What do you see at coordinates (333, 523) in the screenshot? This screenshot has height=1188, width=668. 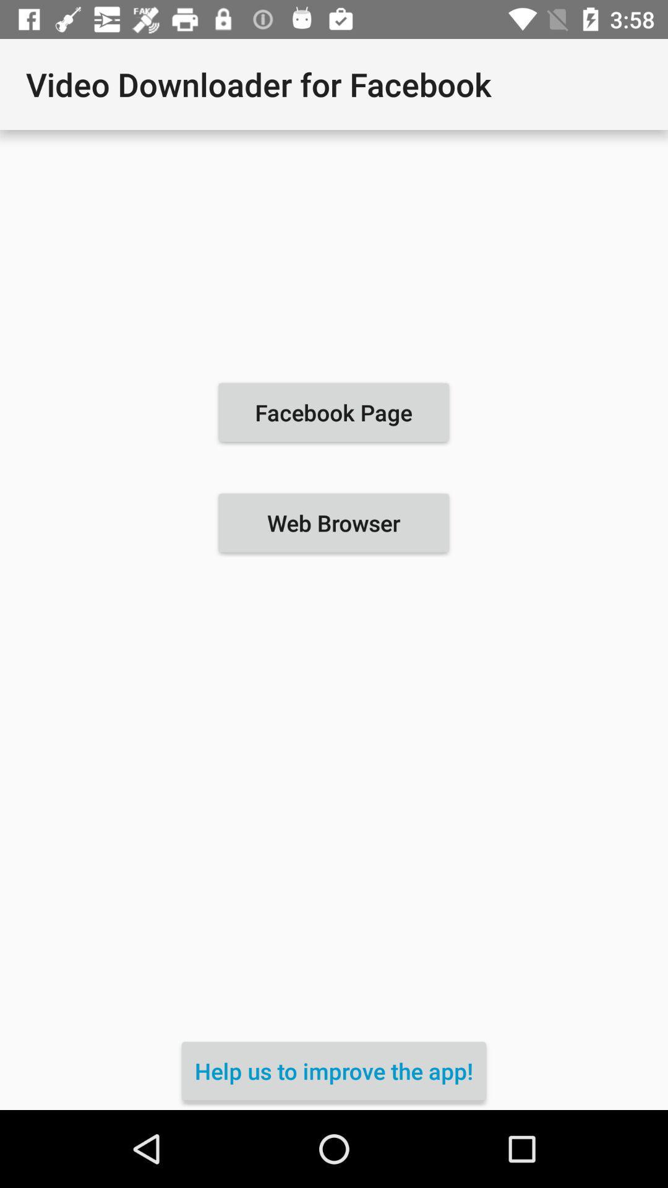 I see `the web browser` at bounding box center [333, 523].